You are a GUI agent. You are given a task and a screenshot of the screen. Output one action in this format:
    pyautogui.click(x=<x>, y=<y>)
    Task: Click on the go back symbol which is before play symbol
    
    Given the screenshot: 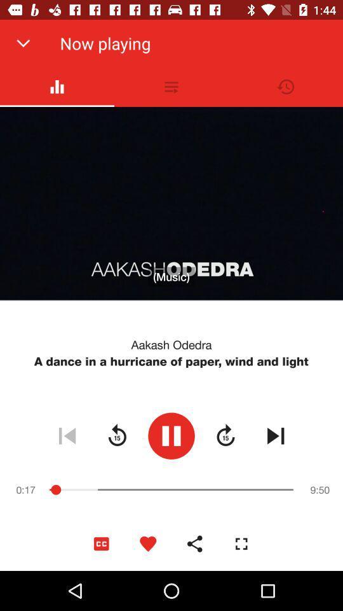 What is the action you would take?
    pyautogui.click(x=118, y=435)
    